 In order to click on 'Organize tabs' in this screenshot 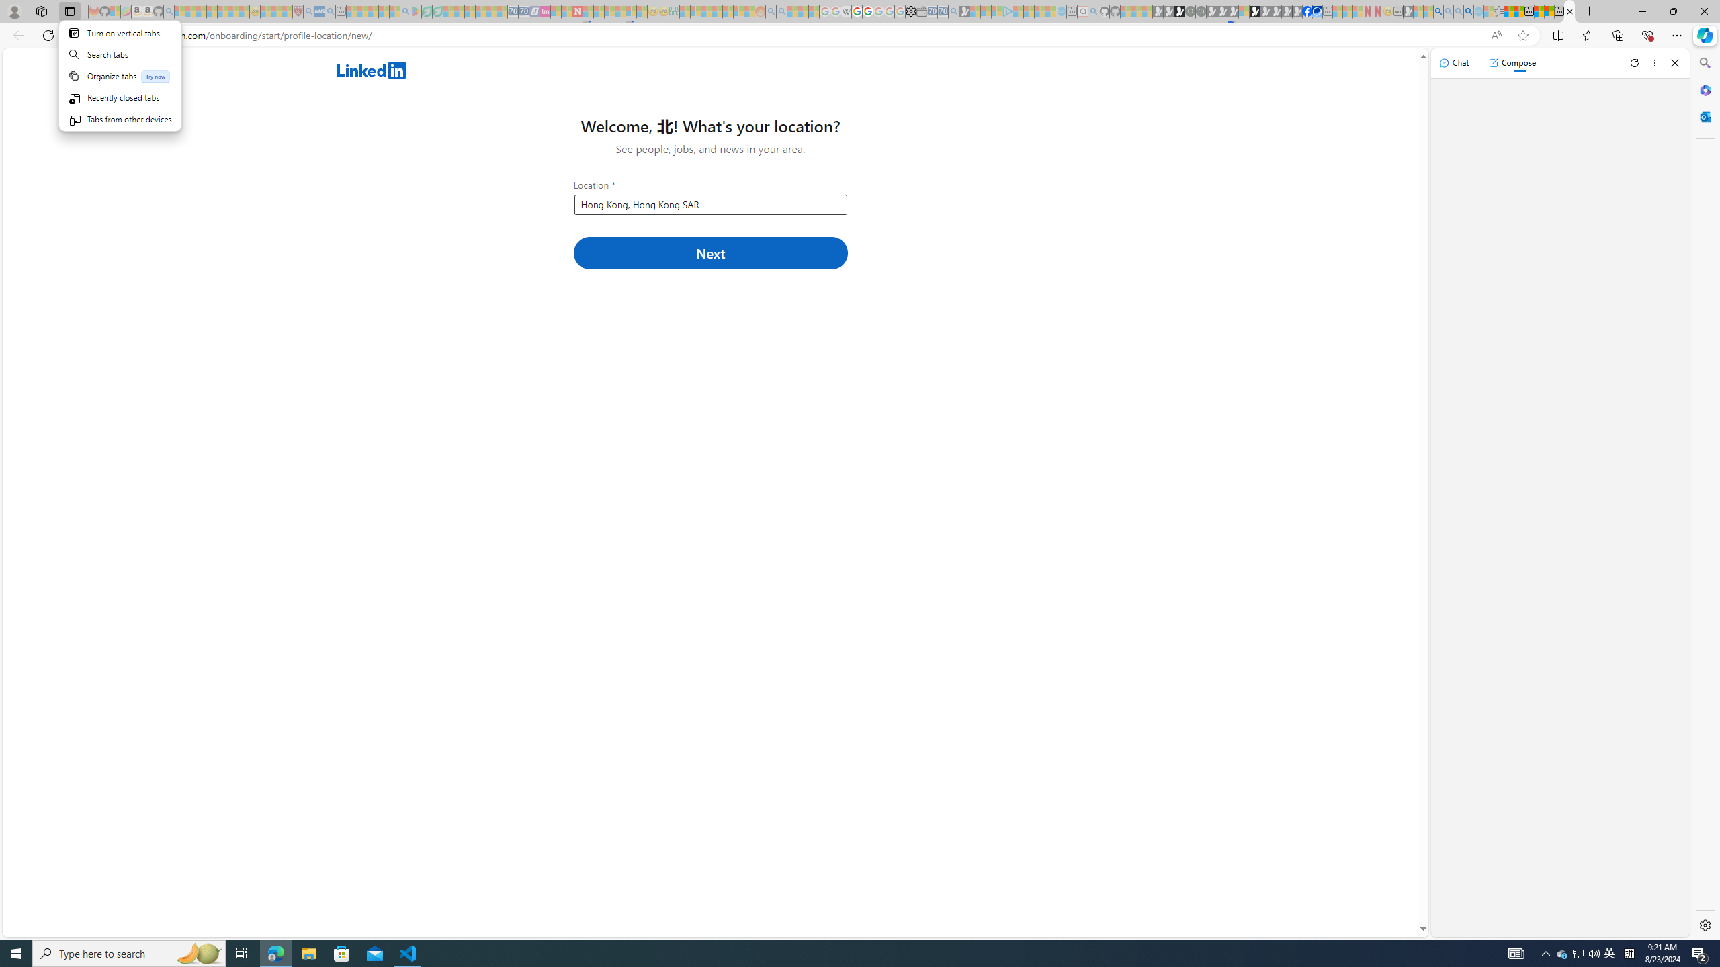, I will do `click(118, 75)`.